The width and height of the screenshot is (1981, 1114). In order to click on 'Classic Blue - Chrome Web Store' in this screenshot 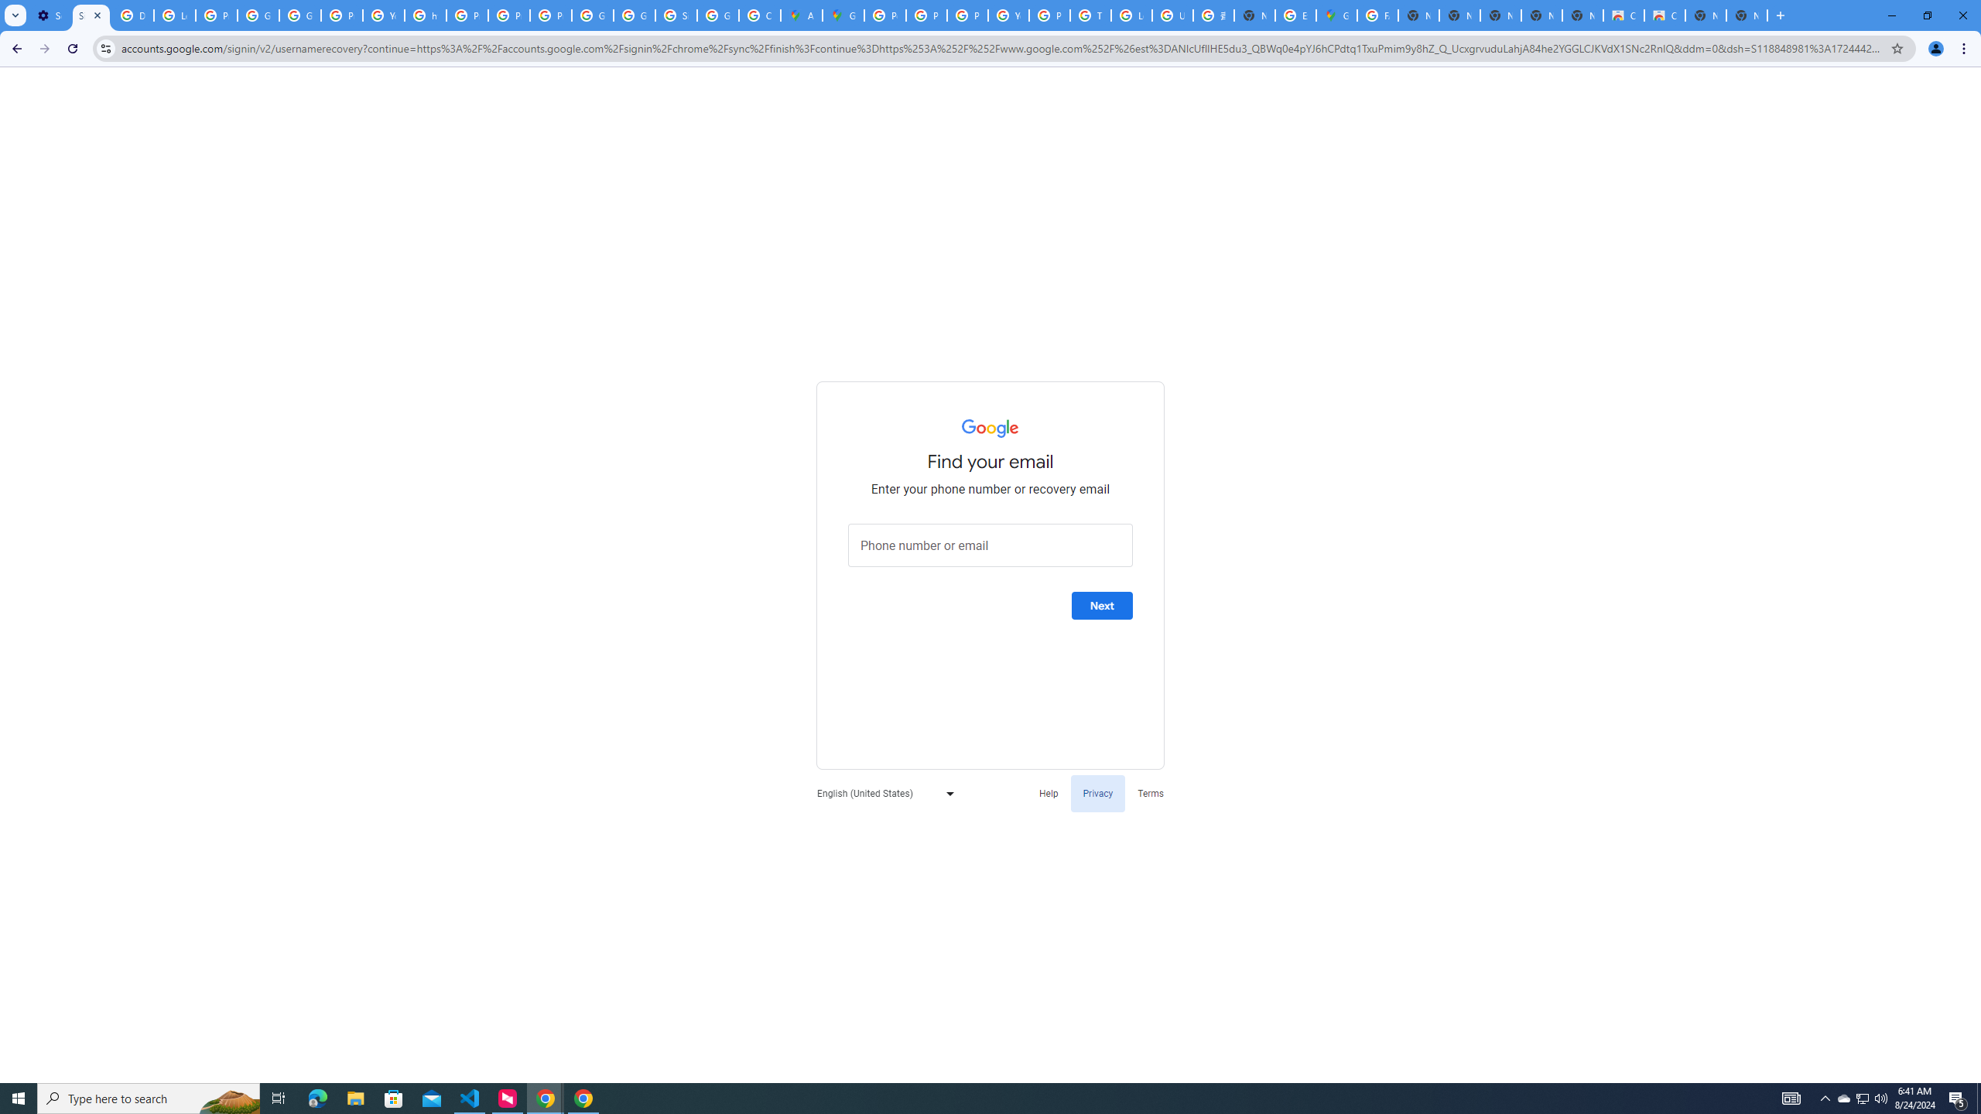, I will do `click(1665, 15)`.